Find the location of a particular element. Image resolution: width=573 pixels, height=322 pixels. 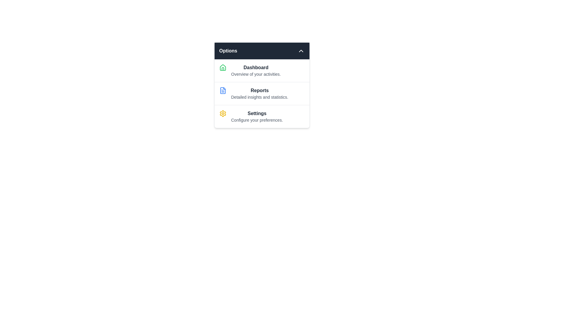

the Text Label that serves as a title for the settings section, positioned above the subtitle 'Configure your preferences.' is located at coordinates (257, 114).